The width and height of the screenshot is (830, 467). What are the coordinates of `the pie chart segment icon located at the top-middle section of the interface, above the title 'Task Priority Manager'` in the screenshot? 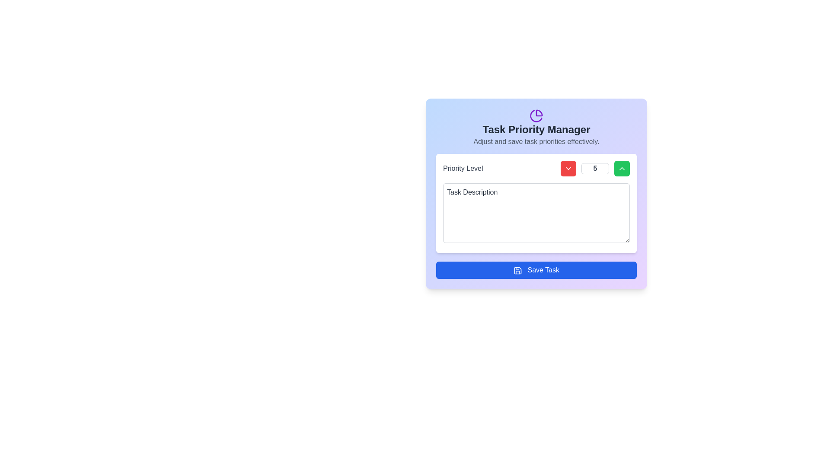 It's located at (539, 112).